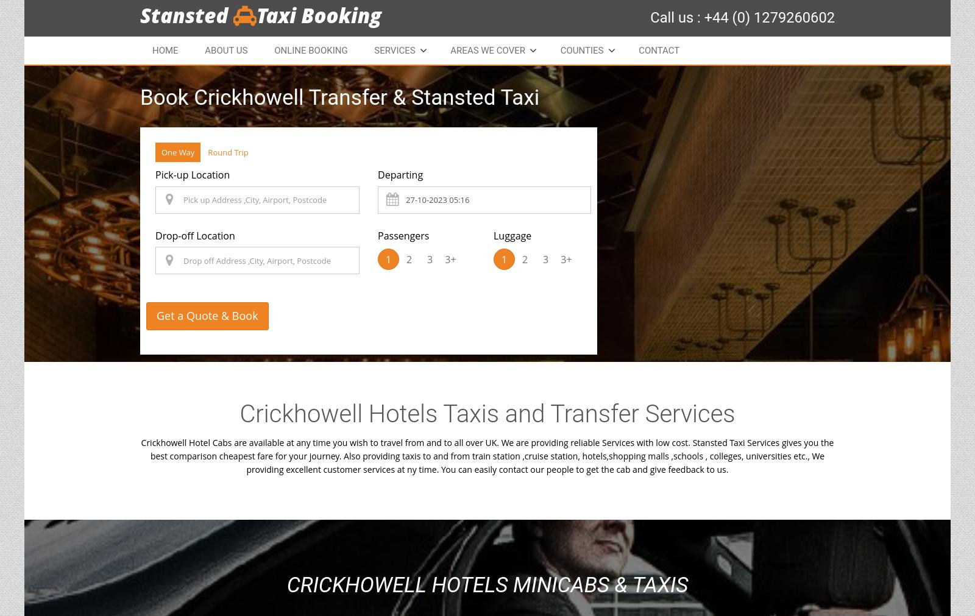  Describe the element at coordinates (207, 316) in the screenshot. I see `'Get a Quote & Book'` at that location.